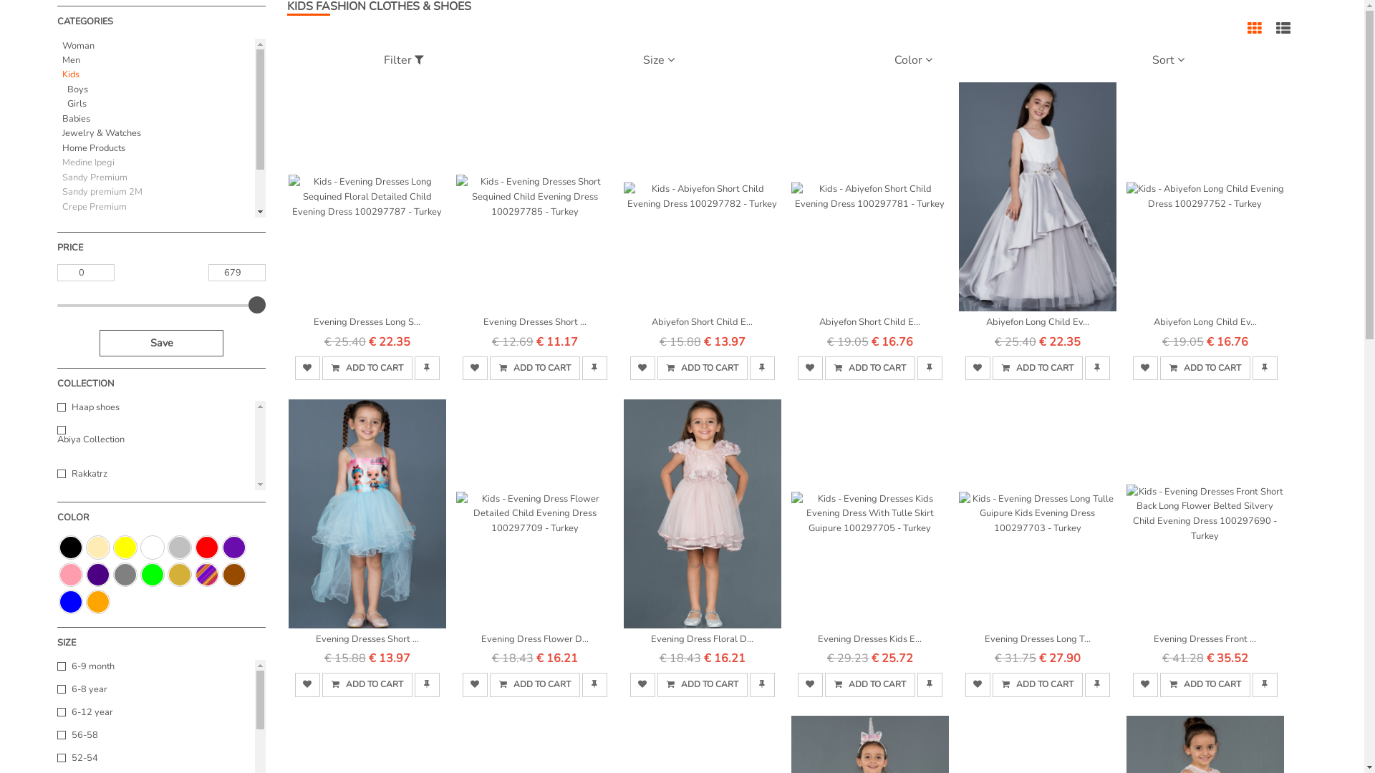 The image size is (1375, 773). Describe the element at coordinates (206, 573) in the screenshot. I see `'Colorful'` at that location.